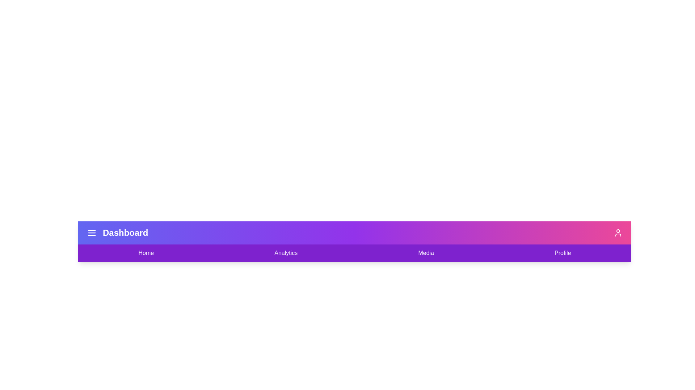 This screenshot has height=390, width=695. I want to click on the navigation link labeled Analytics, so click(286, 253).